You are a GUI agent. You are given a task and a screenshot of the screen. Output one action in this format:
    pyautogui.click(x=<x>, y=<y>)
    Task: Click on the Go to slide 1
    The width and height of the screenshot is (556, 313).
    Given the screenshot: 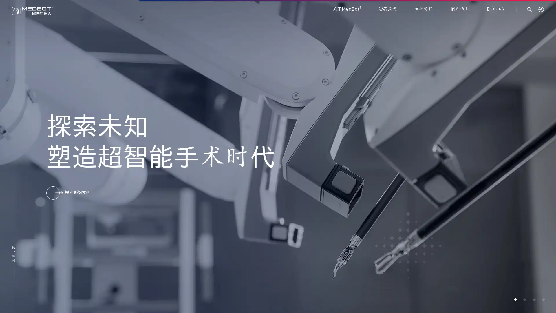 What is the action you would take?
    pyautogui.click(x=515, y=299)
    